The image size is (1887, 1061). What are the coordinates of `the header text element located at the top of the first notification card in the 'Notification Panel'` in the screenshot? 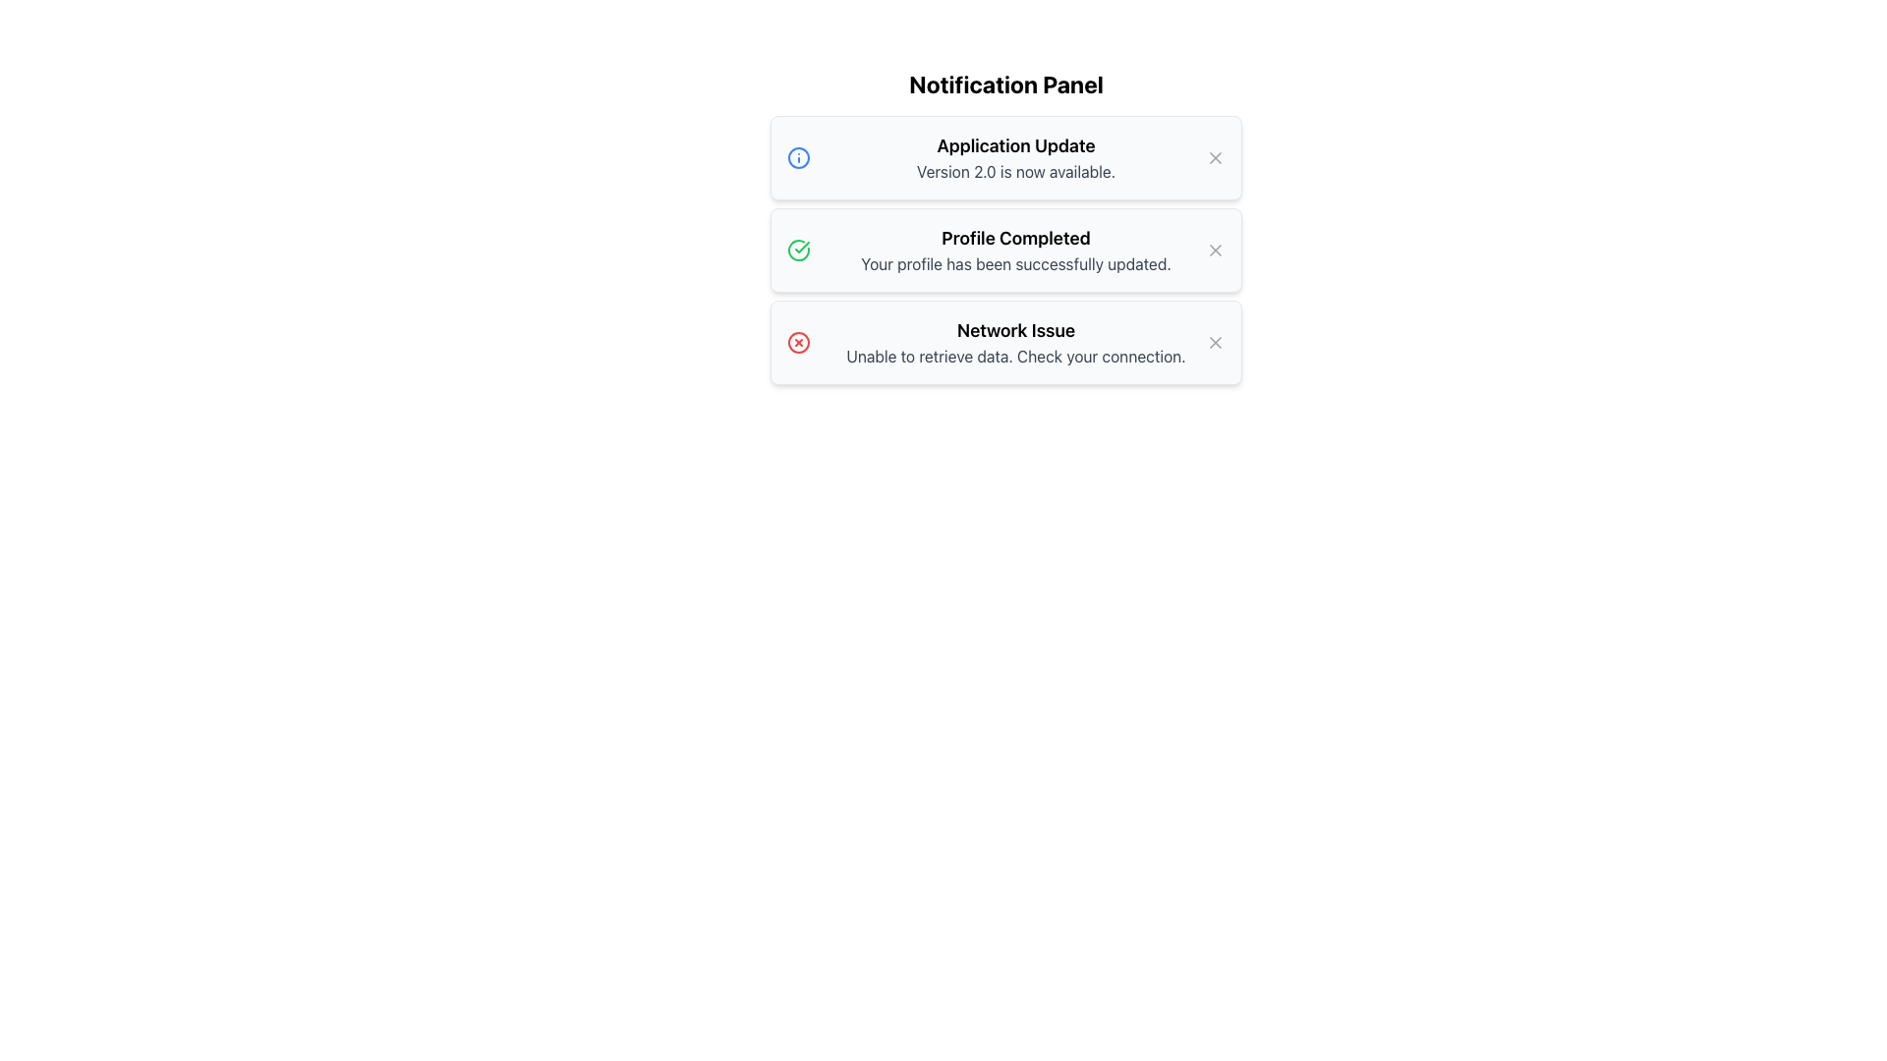 It's located at (1015, 145).